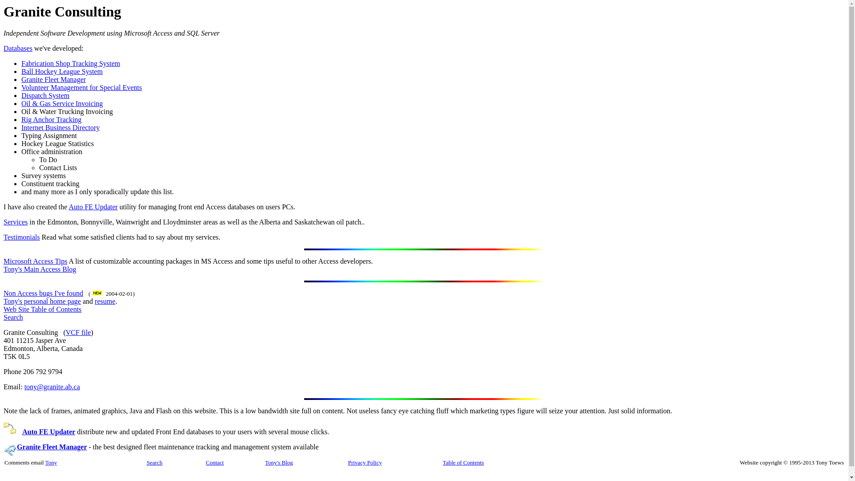 The image size is (855, 481). I want to click on 'Tony's Blog', so click(278, 462).